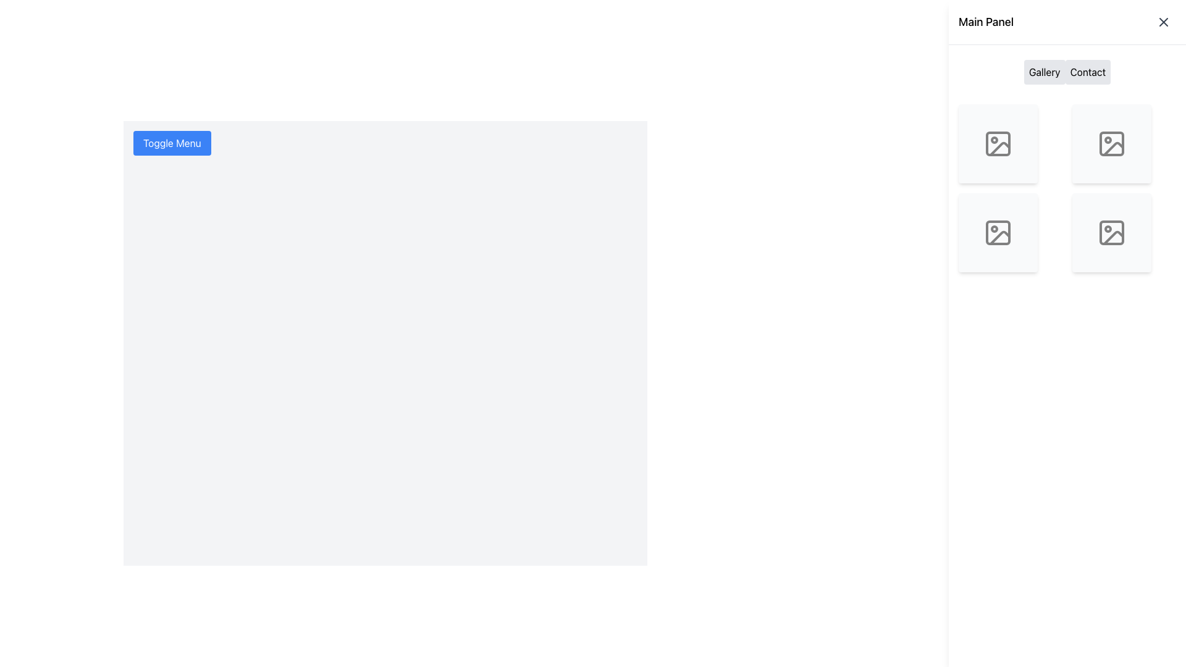 This screenshot has height=667, width=1186. I want to click on an item onto the image placeholder element, which is a square area with a gray background and a centered picture frame icon, located in the bottom-left position of a 2x2 grid, so click(998, 233).